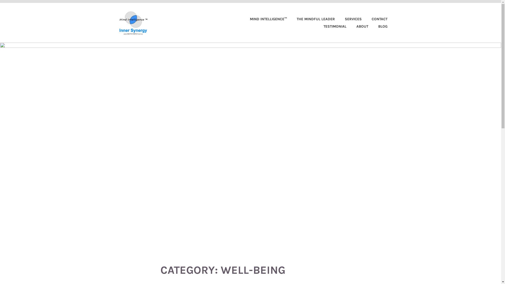  Describe the element at coordinates (315, 26) in the screenshot. I see `'TESTIMONIAL'` at that location.